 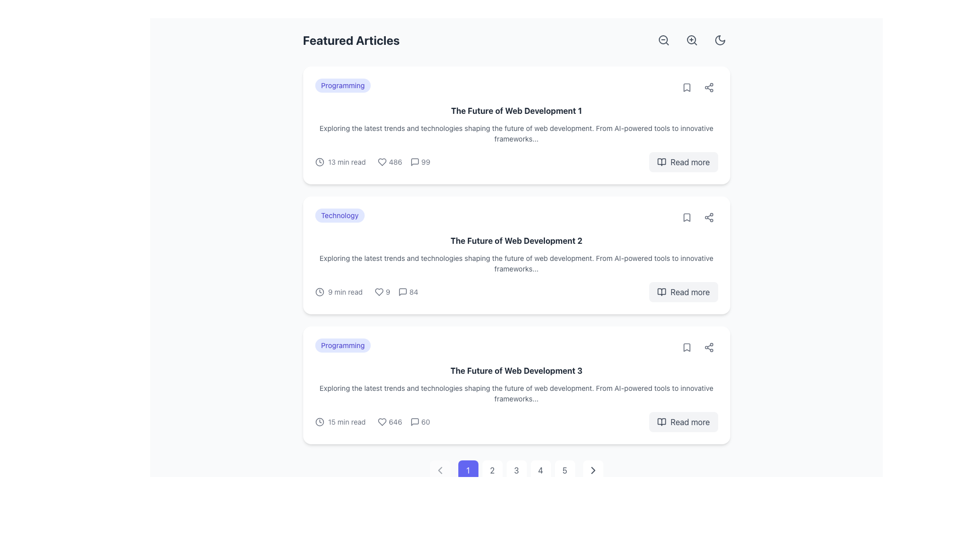 I want to click on the bookmark button icon located in the top-right corner of the second card labeled 'The Future of Web Development 2', so click(x=686, y=217).